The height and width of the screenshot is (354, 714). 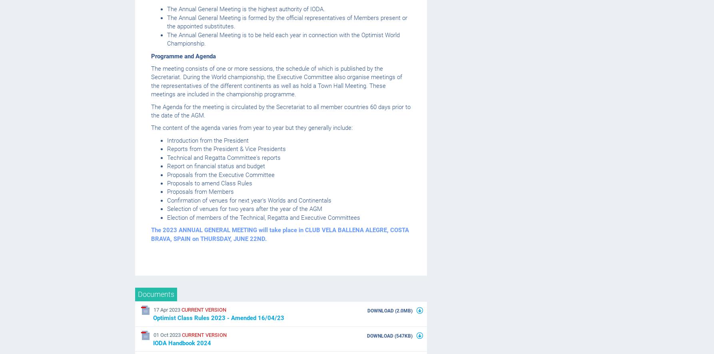 I want to click on 'Introduction from the President', so click(x=207, y=140).